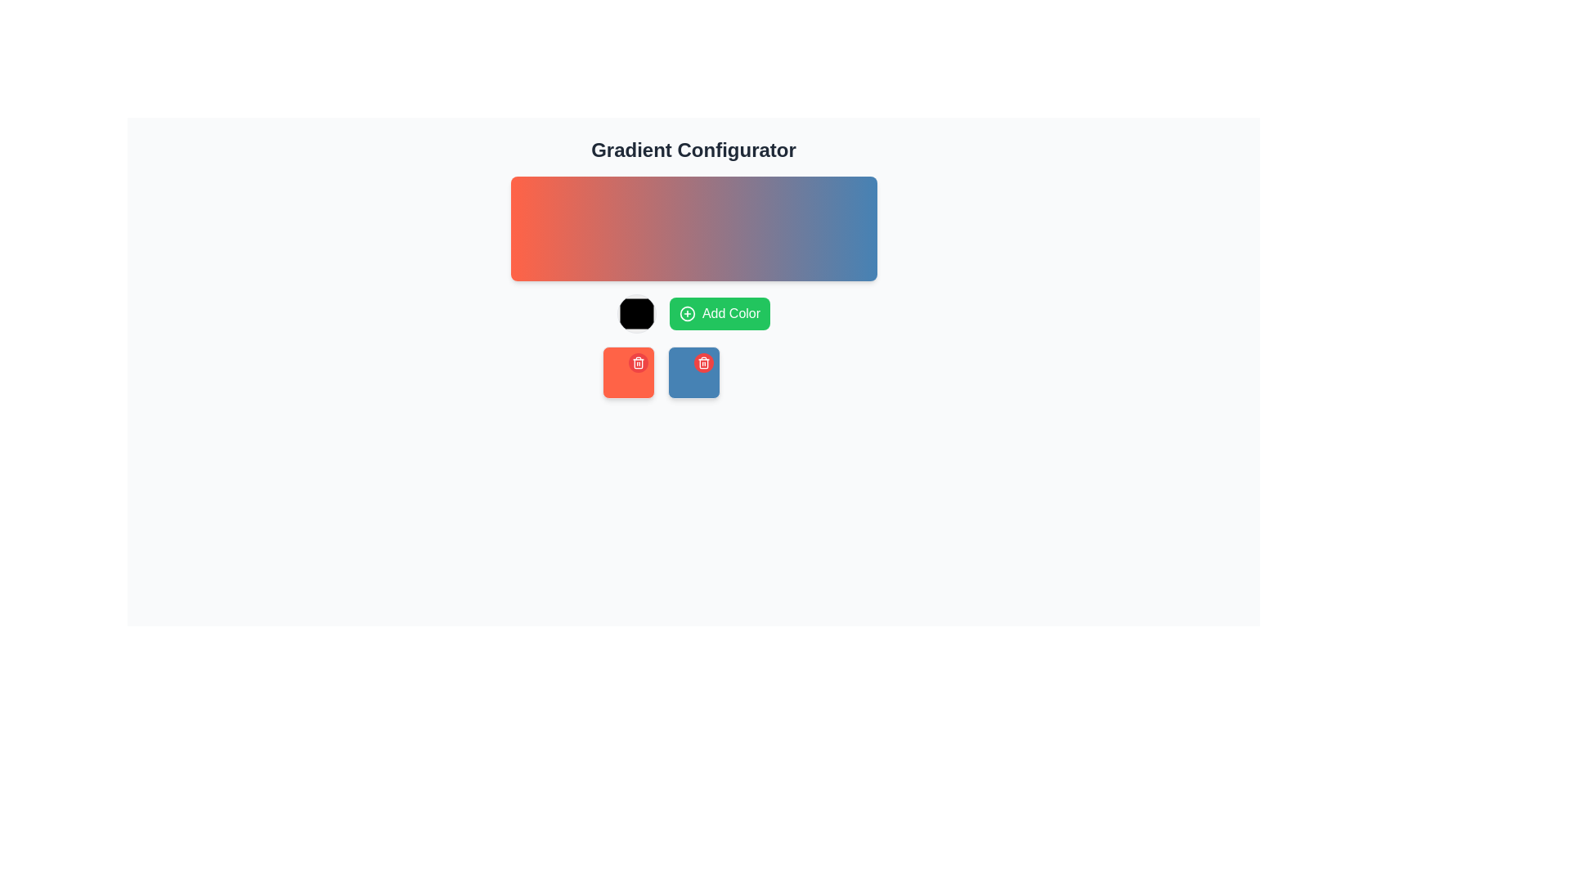 This screenshot has width=1570, height=883. Describe the element at coordinates (703, 363) in the screenshot. I see `the graphical icon representation of the trash can, which is a component of the delete function located inside the blue square button at the bottom right of the interface` at that location.